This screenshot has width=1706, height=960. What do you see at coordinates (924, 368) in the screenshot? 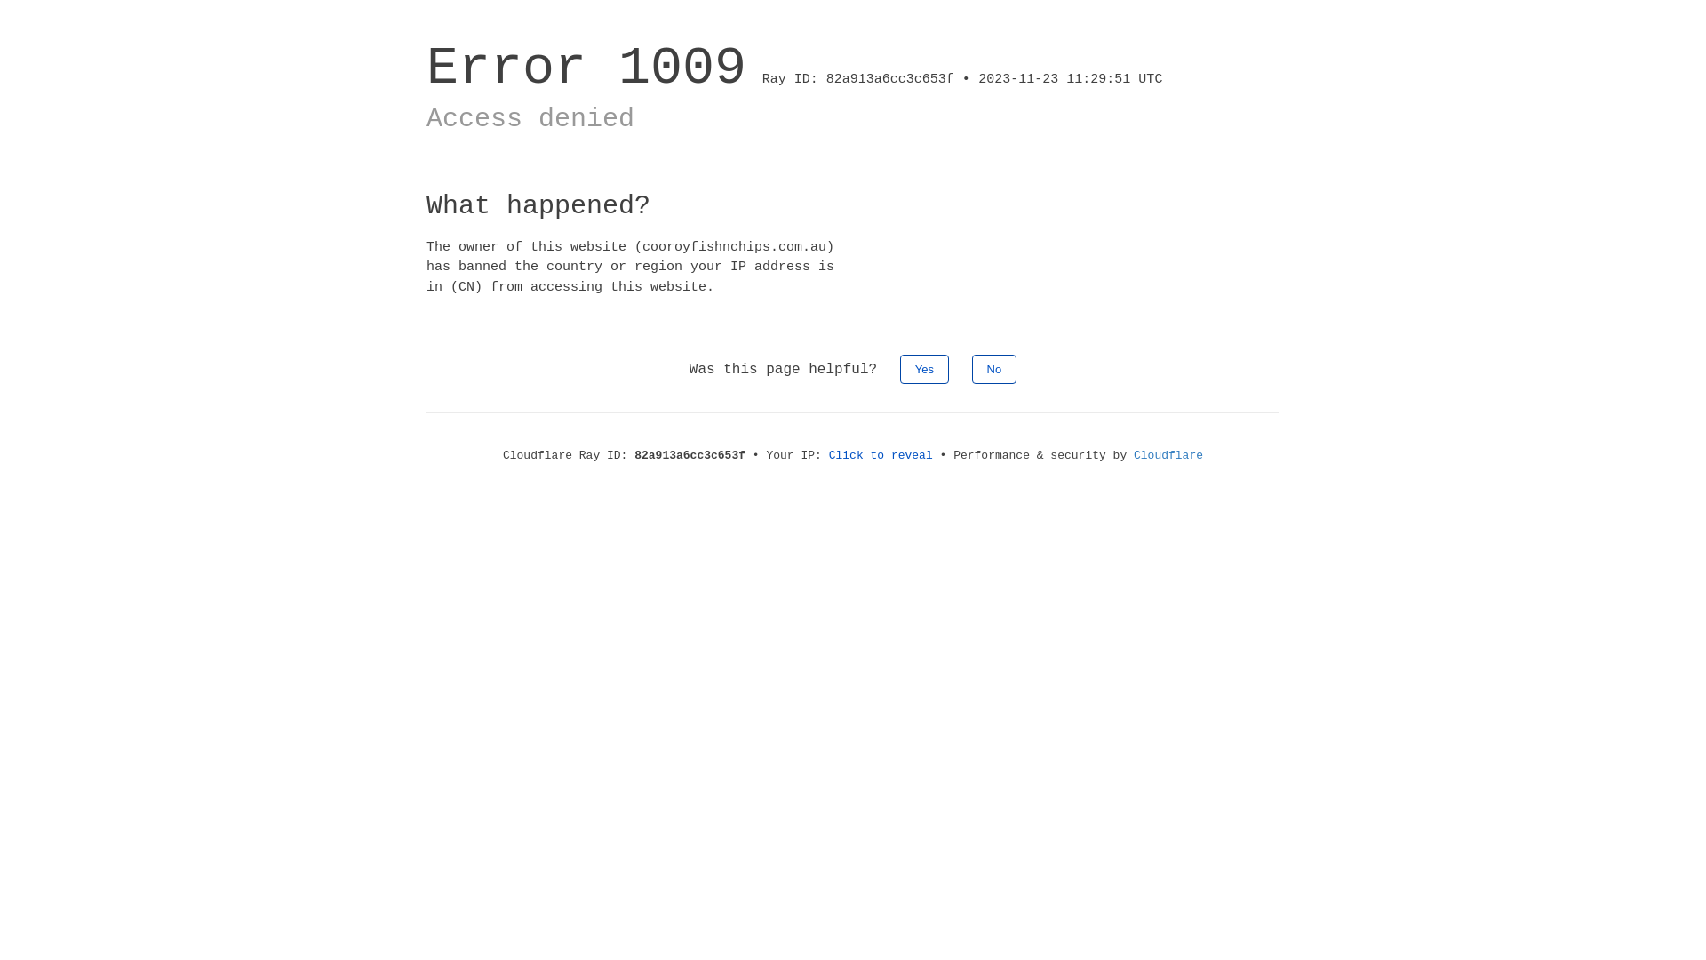
I see `'Yes'` at bounding box center [924, 368].